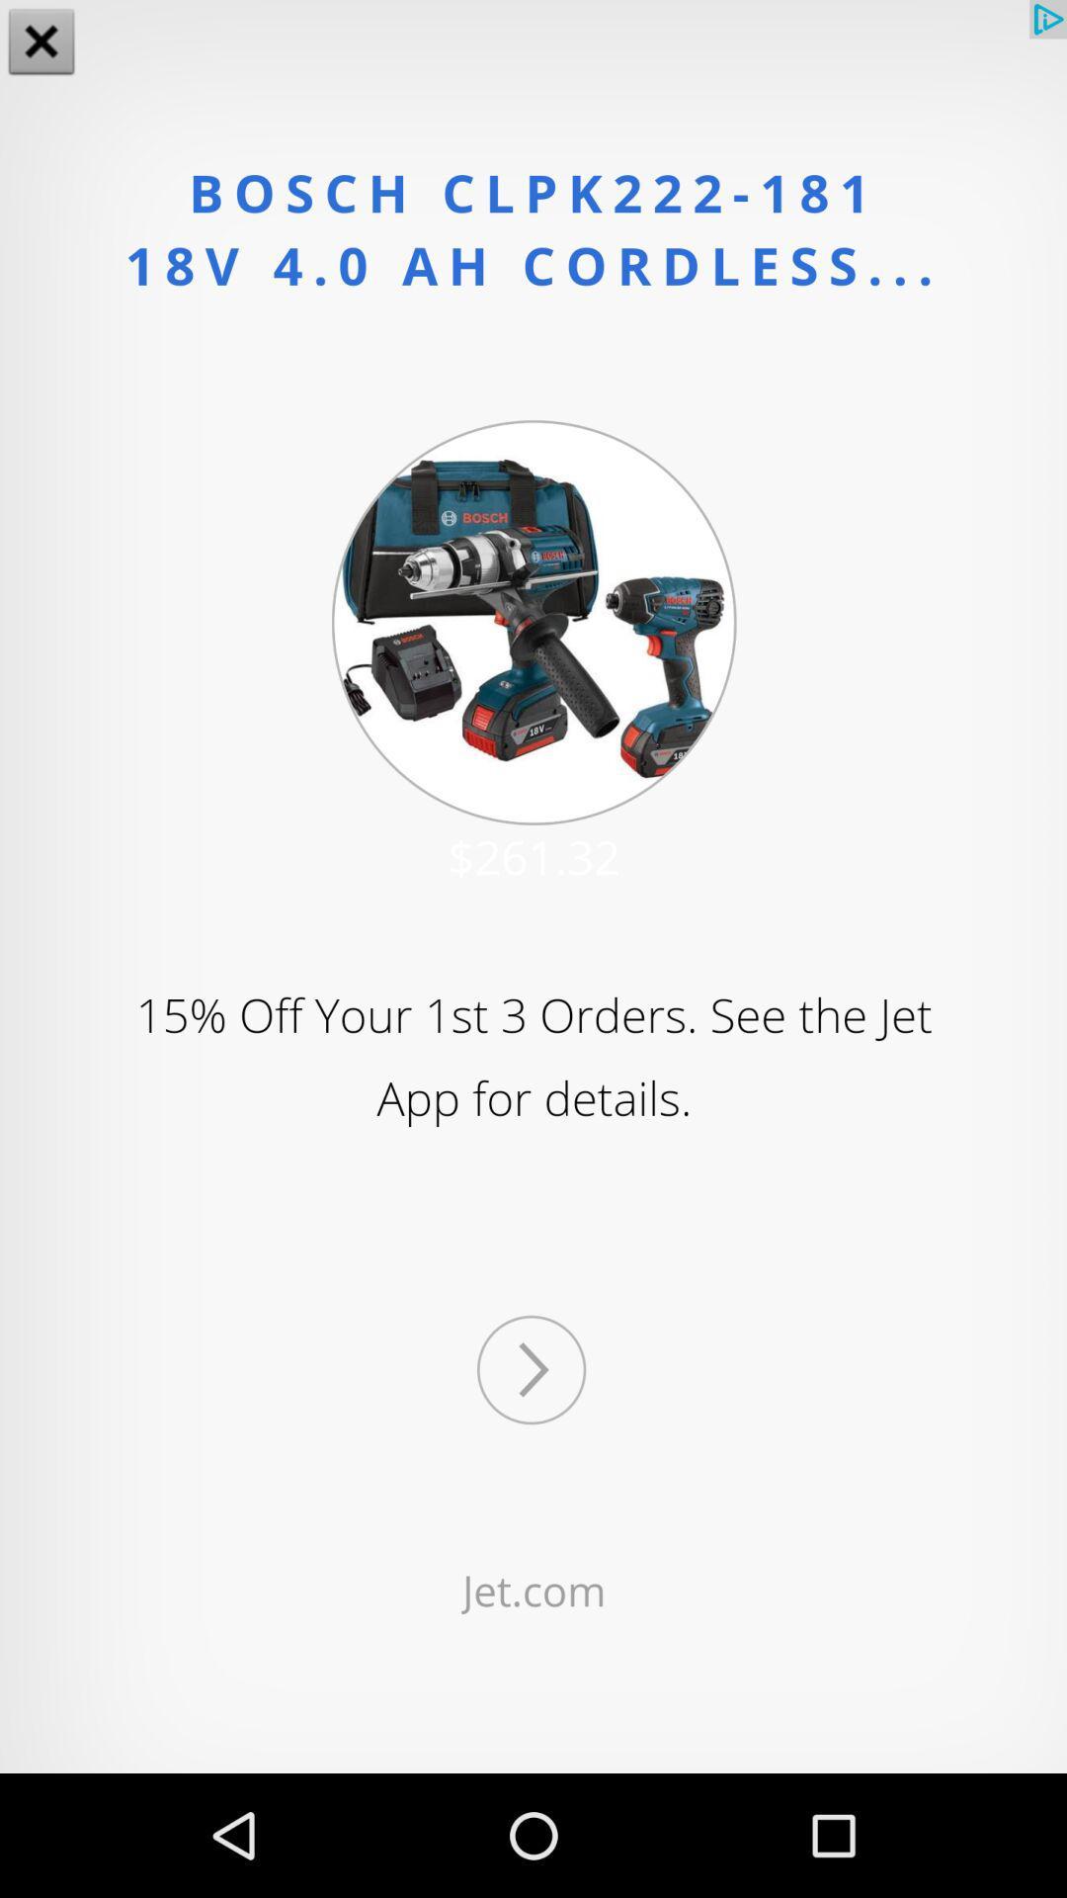  I want to click on the close icon, so click(41, 43).